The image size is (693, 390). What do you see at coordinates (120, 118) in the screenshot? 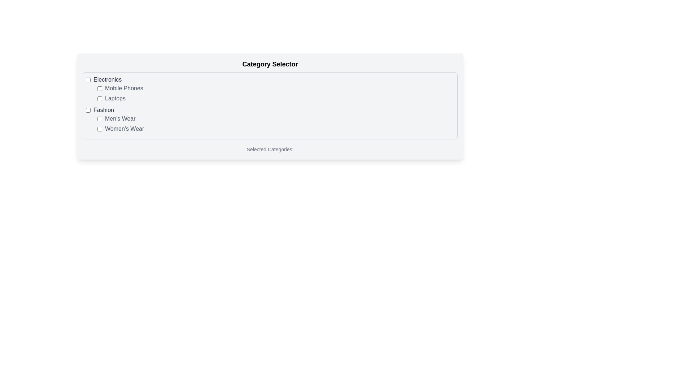
I see `the 'Men's Wear' label` at bounding box center [120, 118].